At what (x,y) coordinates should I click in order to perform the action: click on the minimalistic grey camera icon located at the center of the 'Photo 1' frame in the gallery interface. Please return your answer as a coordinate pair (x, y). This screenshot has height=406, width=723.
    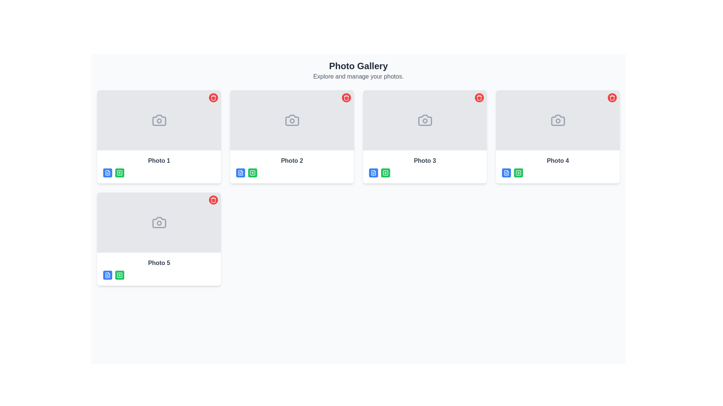
    Looking at the image, I should click on (159, 120).